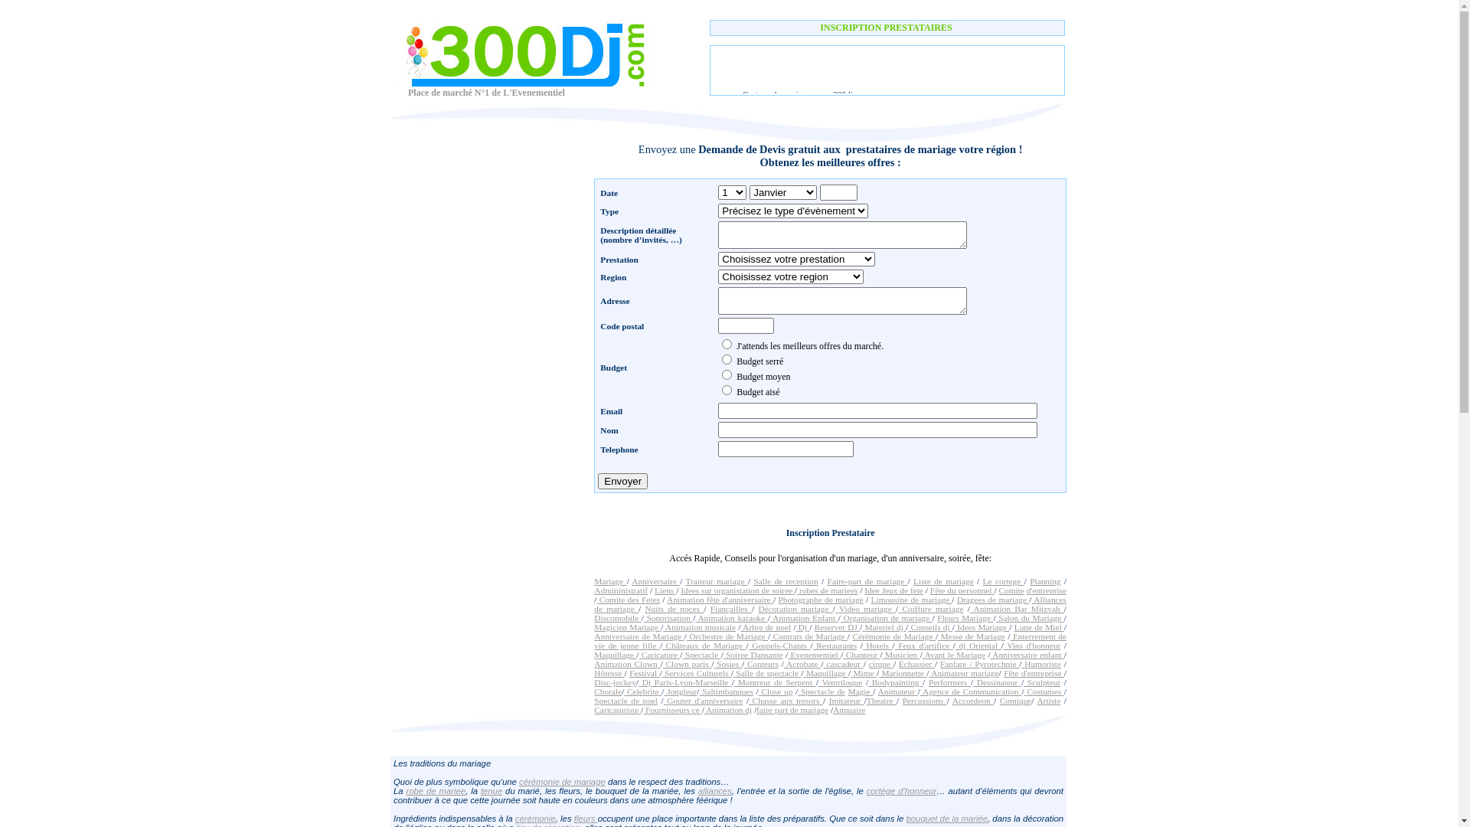 This screenshot has width=1470, height=827. Describe the element at coordinates (662, 663) in the screenshot. I see `'Clown paris'` at that location.